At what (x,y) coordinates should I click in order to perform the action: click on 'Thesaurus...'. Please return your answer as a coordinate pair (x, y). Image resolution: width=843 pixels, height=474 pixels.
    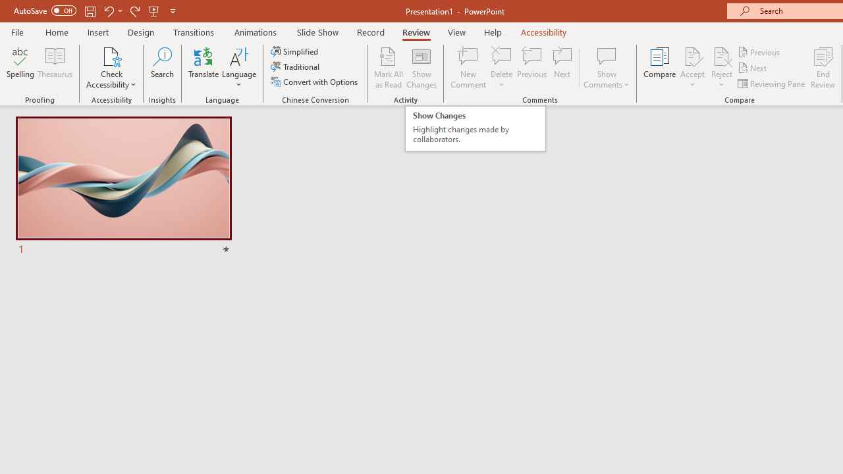
    Looking at the image, I should click on (54, 68).